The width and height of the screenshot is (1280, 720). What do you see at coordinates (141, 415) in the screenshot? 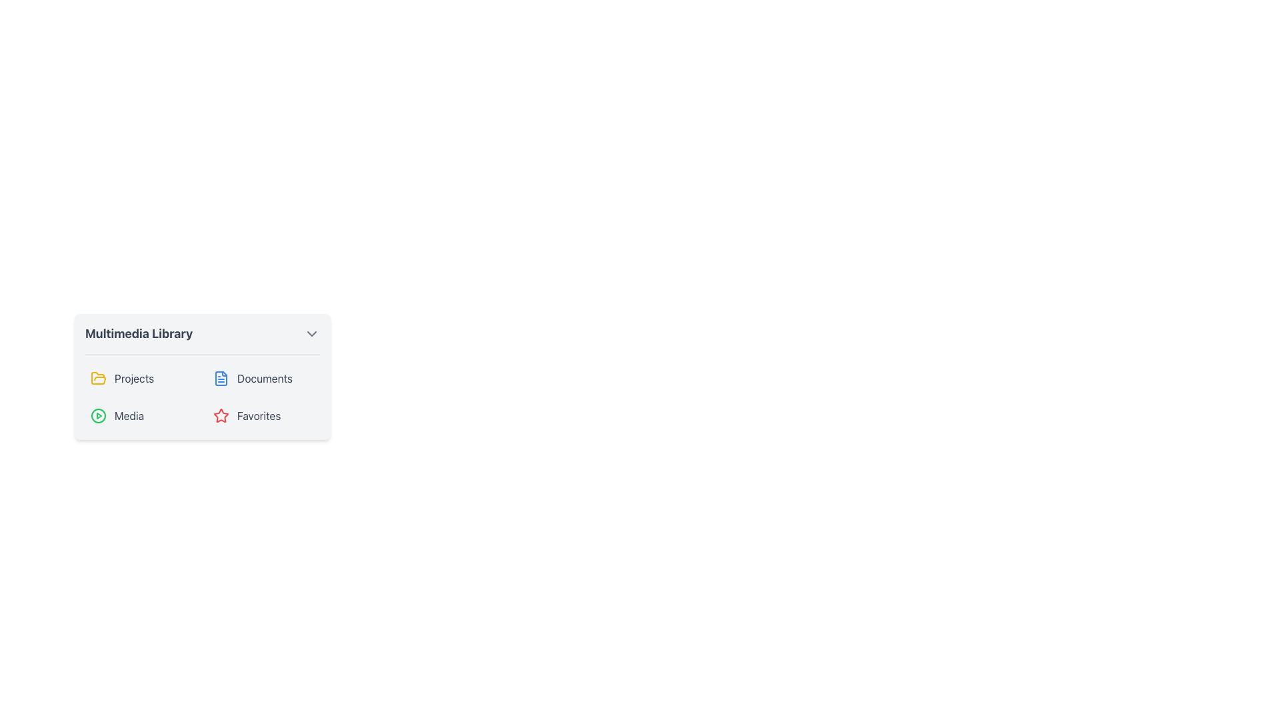
I see `the 'Media' list item, which has a green play button icon` at bounding box center [141, 415].